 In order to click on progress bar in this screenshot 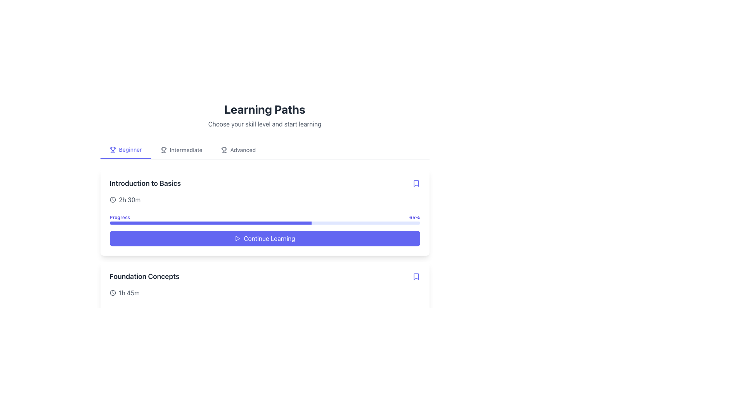, I will do `click(345, 223)`.